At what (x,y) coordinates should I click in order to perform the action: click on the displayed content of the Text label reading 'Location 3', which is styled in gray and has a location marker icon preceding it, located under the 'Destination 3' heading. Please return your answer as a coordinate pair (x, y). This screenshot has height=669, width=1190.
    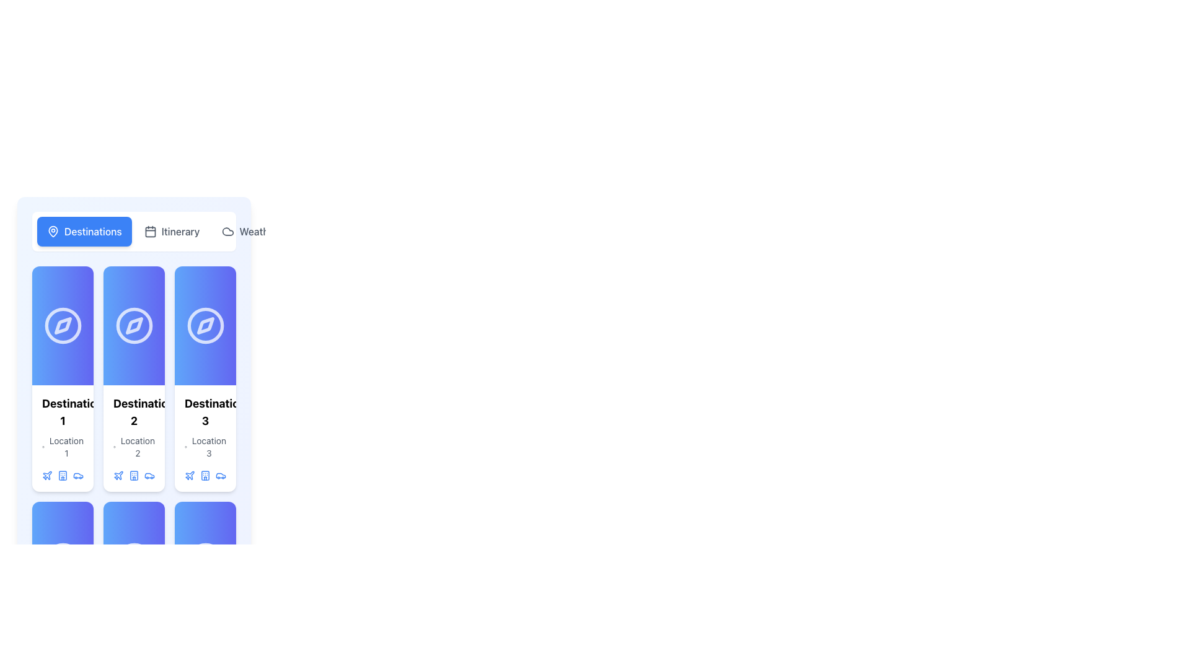
    Looking at the image, I should click on (205, 447).